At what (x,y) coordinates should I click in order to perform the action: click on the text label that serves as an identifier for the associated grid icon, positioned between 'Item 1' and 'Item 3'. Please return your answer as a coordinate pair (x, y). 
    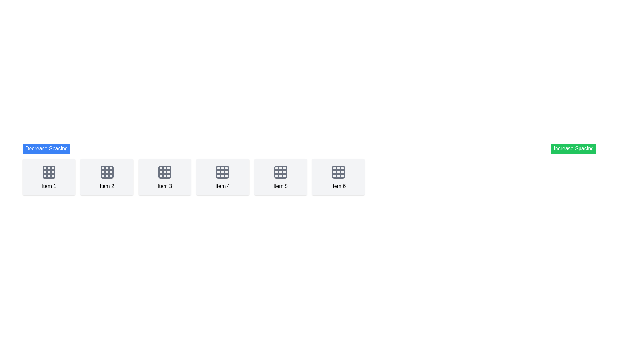
    Looking at the image, I should click on (107, 186).